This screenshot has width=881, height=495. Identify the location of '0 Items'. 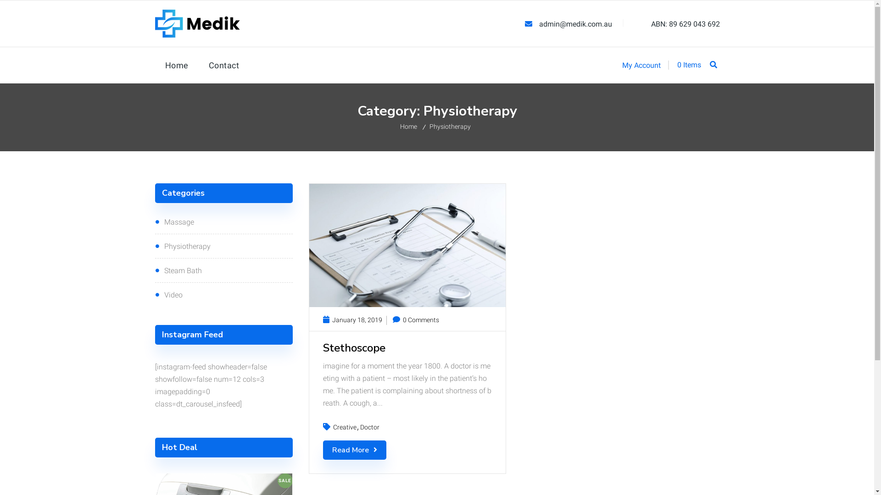
(685, 64).